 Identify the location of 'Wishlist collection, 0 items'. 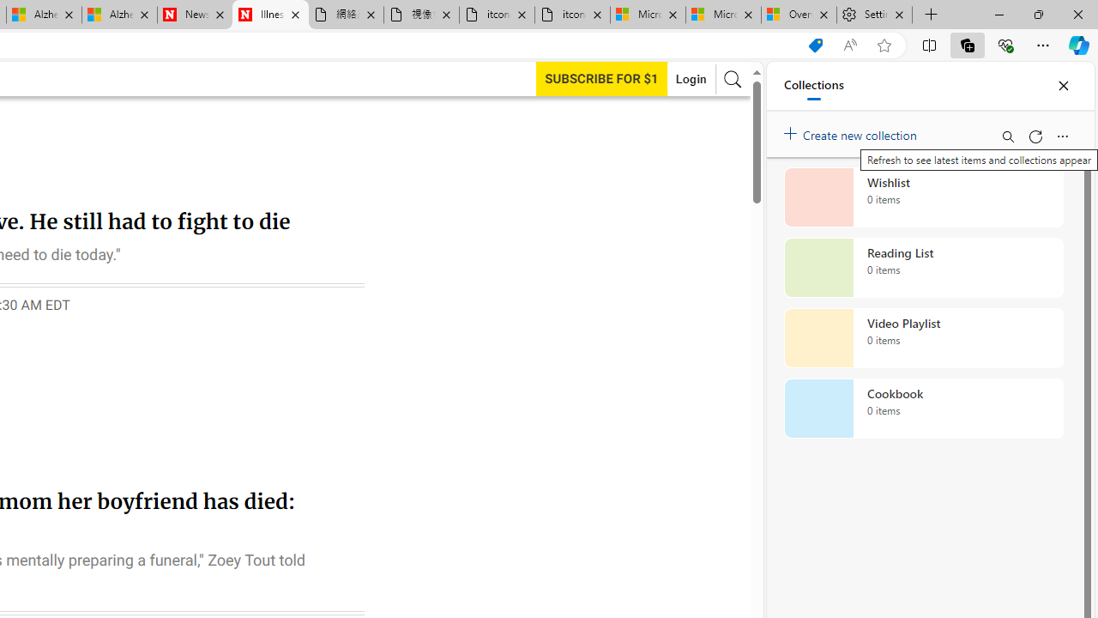
(923, 197).